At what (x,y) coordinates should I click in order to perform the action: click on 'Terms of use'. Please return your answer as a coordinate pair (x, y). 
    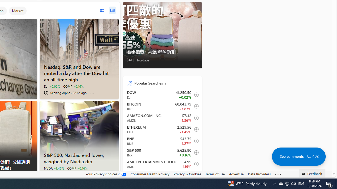
    Looking at the image, I should click on (215, 174).